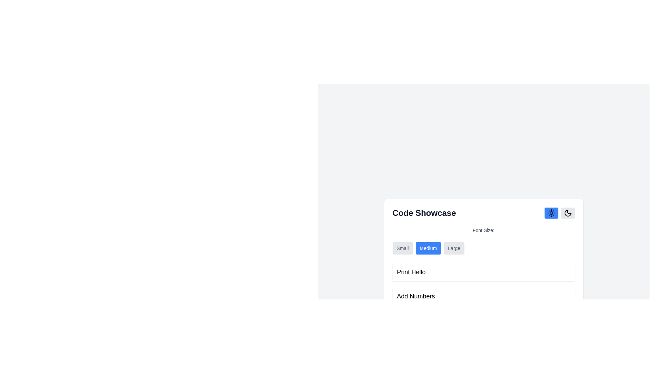  I want to click on the rectangular button labeled 'Small' with a light gray background and rounded corners, so click(403, 248).